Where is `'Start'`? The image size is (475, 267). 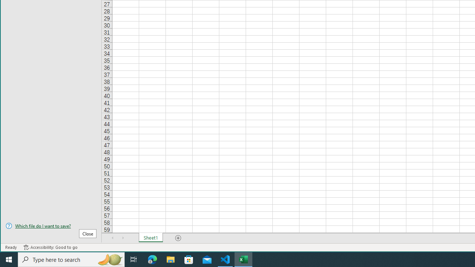 'Start' is located at coordinates (9, 259).